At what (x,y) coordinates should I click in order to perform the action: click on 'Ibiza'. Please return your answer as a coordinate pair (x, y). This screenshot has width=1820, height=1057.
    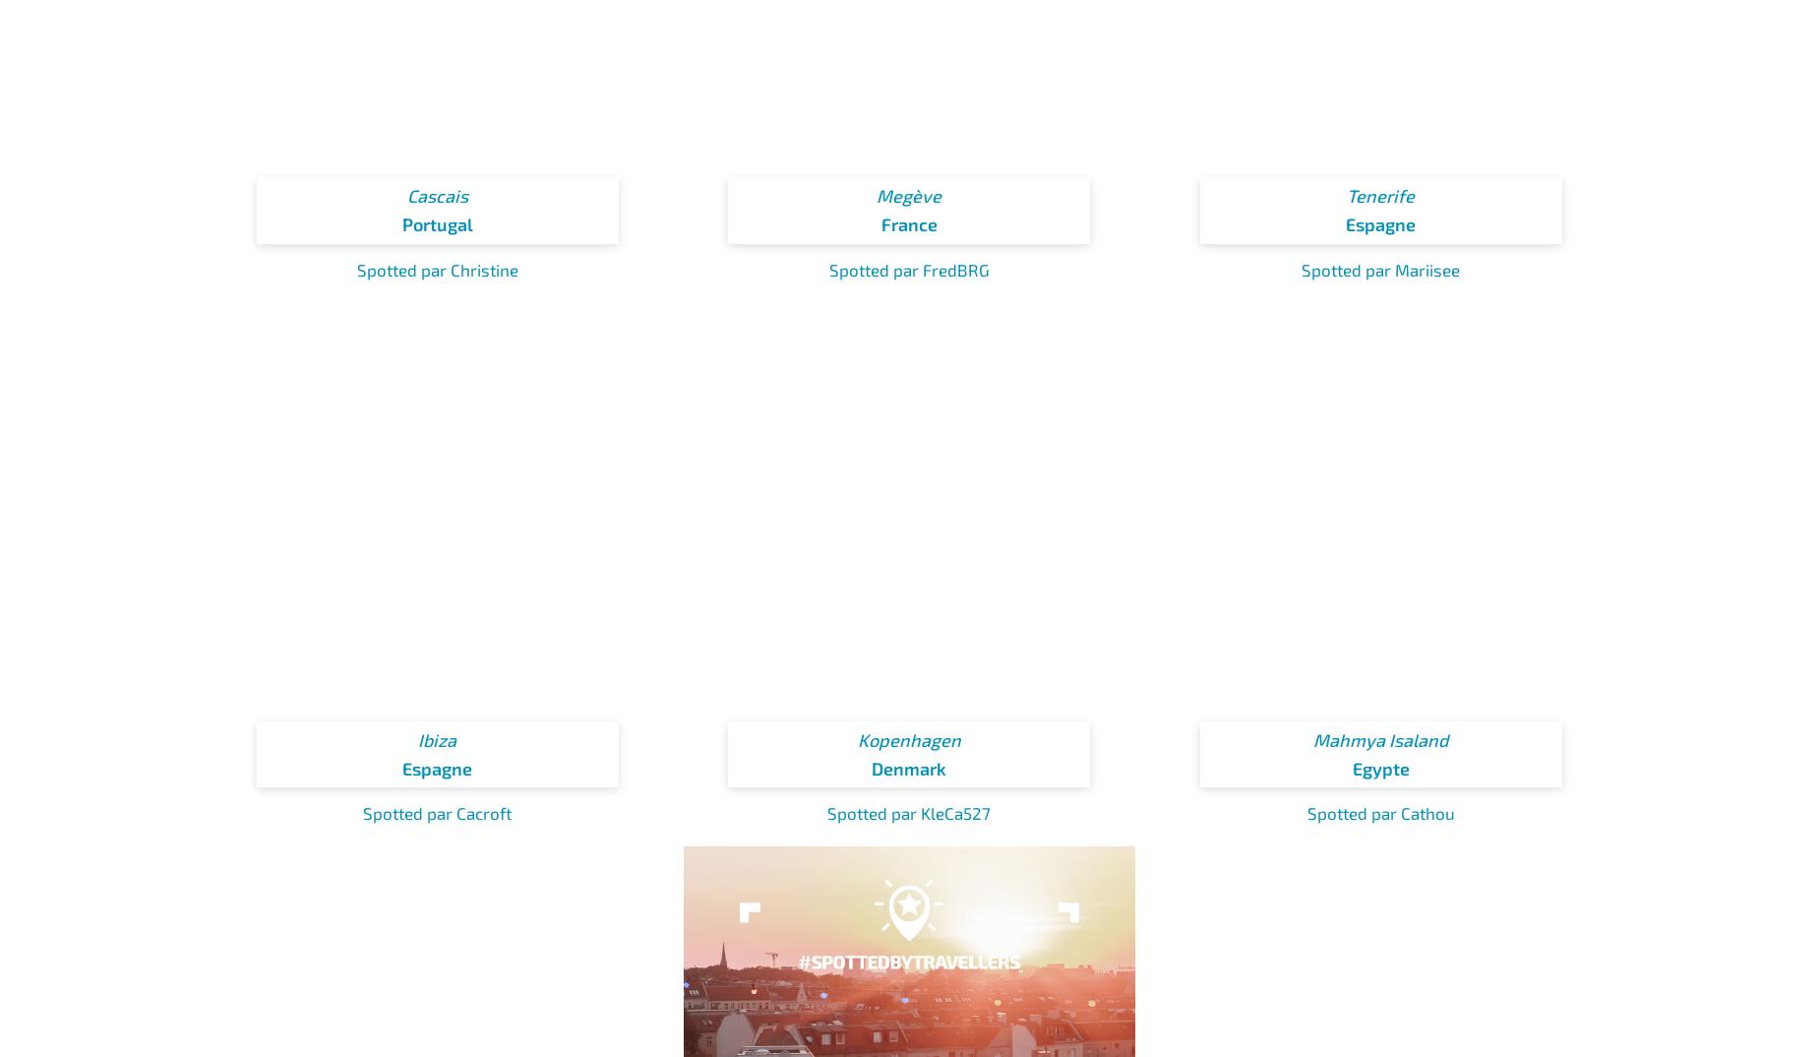
    Looking at the image, I should click on (416, 739).